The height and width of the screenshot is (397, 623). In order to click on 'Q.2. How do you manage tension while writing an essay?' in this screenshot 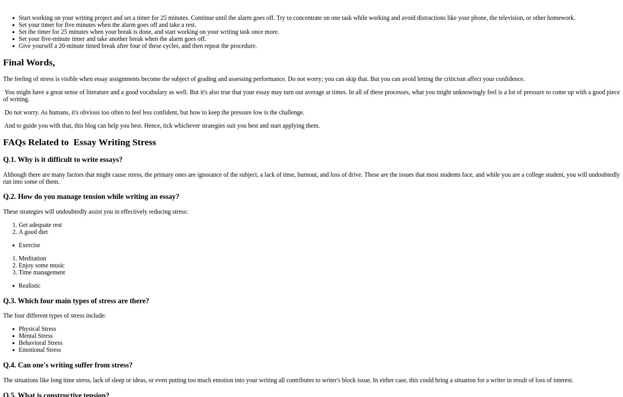, I will do `click(91, 196)`.